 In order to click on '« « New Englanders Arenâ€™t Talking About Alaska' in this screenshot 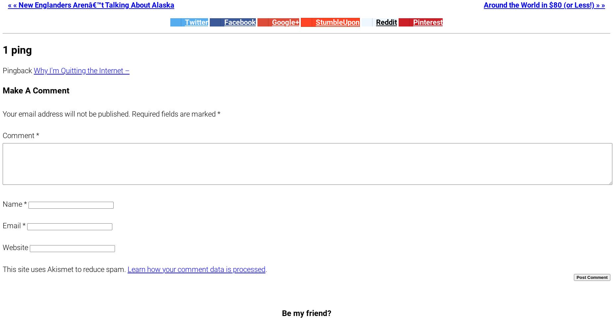, I will do `click(90, 5)`.